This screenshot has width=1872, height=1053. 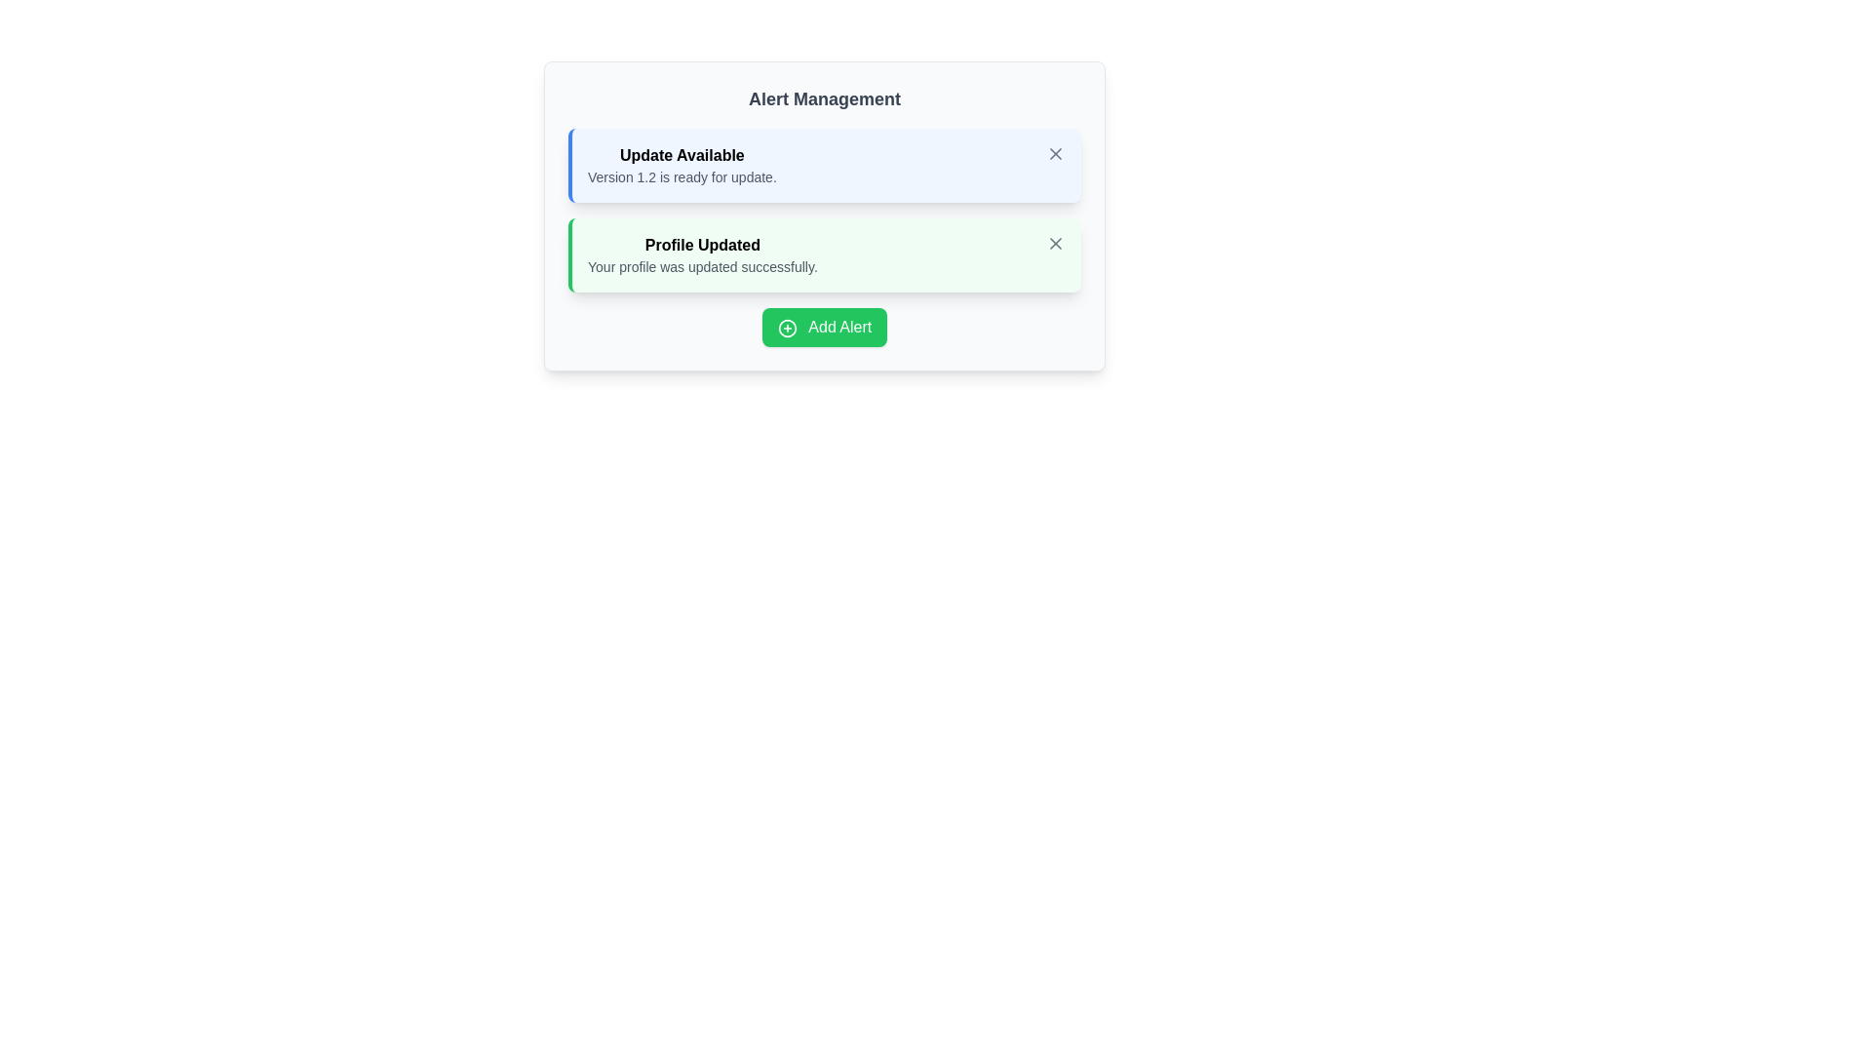 What do you see at coordinates (1055, 243) in the screenshot?
I see `the close button (dismiss icon) located in the center-right of the alert titled 'Profile Updated'` at bounding box center [1055, 243].